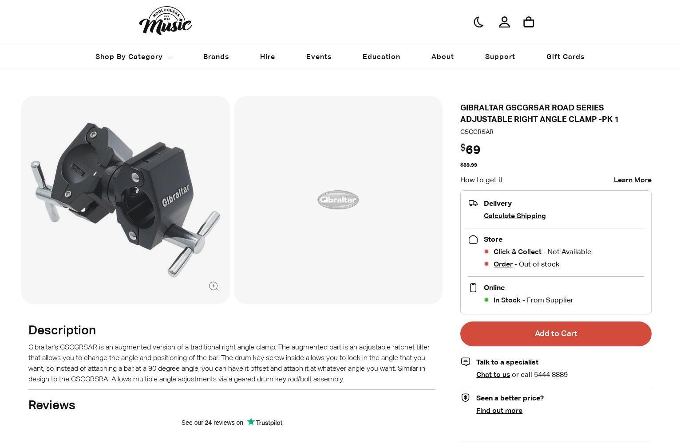 This screenshot has height=443, width=680. Describe the element at coordinates (468, 165) in the screenshot. I see `'$89.99'` at that location.